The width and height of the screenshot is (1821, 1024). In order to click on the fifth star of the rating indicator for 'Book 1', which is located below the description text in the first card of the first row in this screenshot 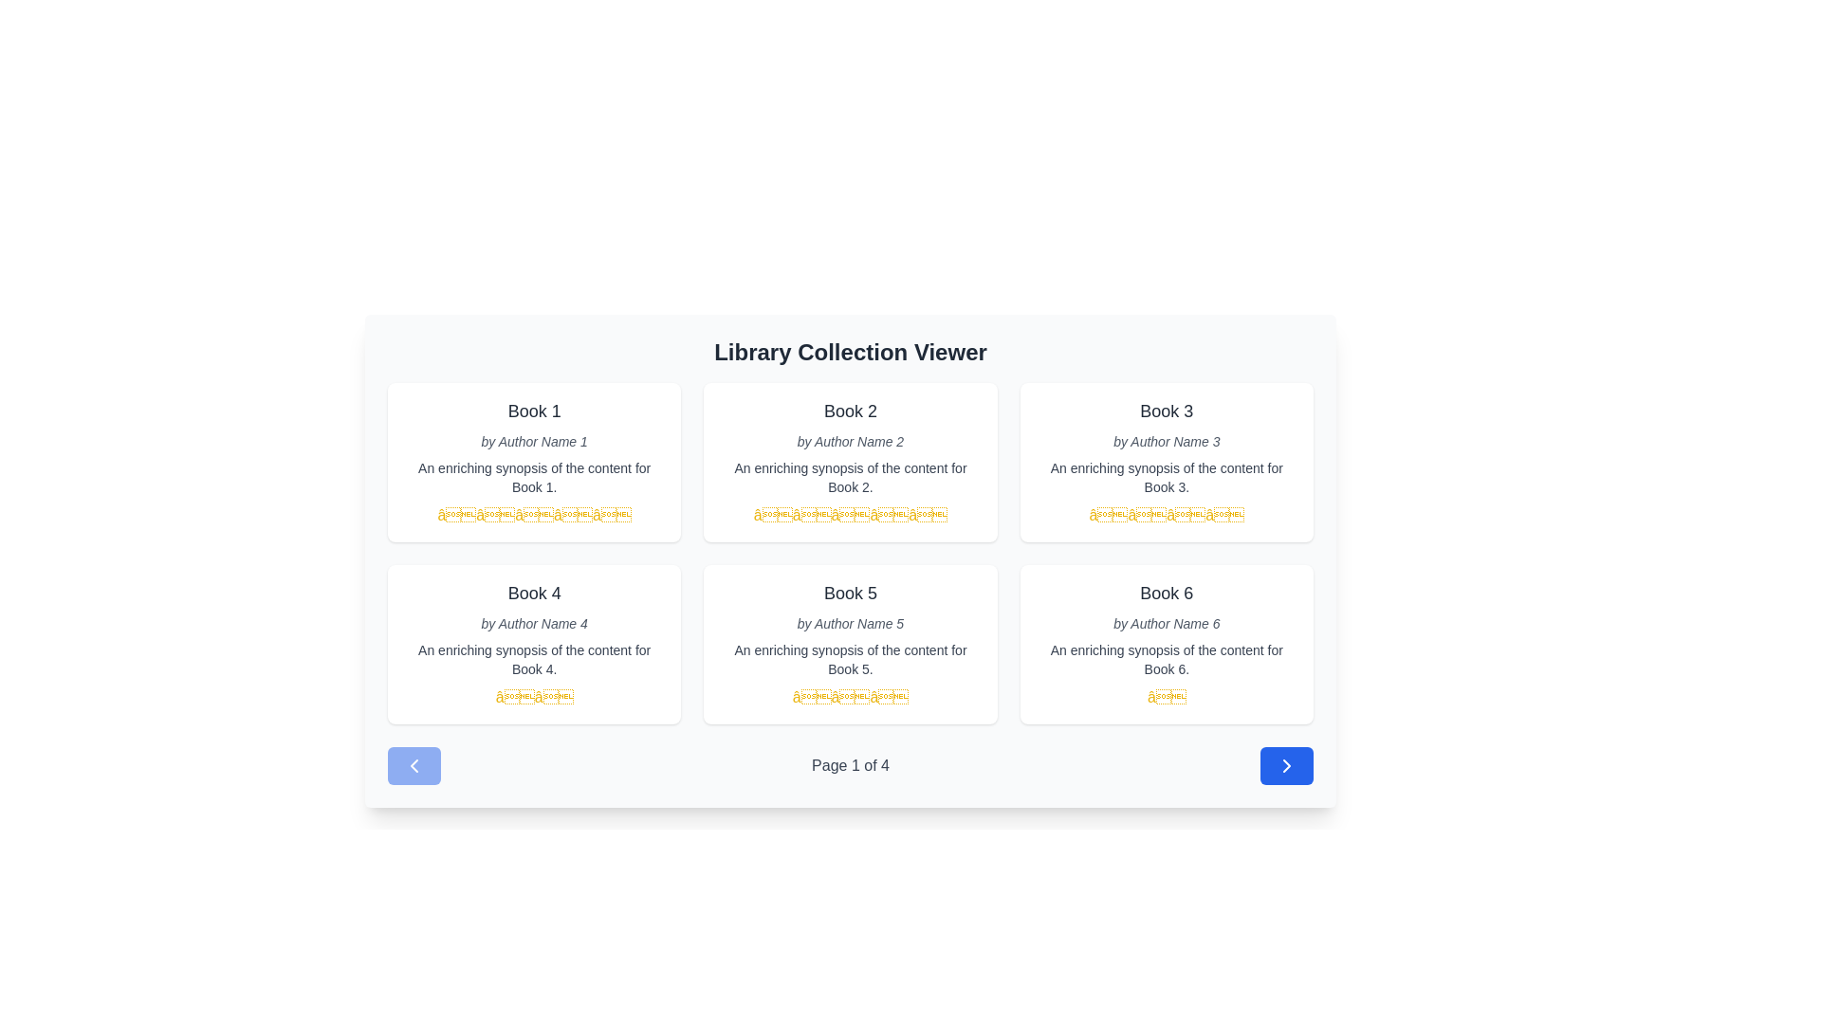, I will do `click(612, 515)`.